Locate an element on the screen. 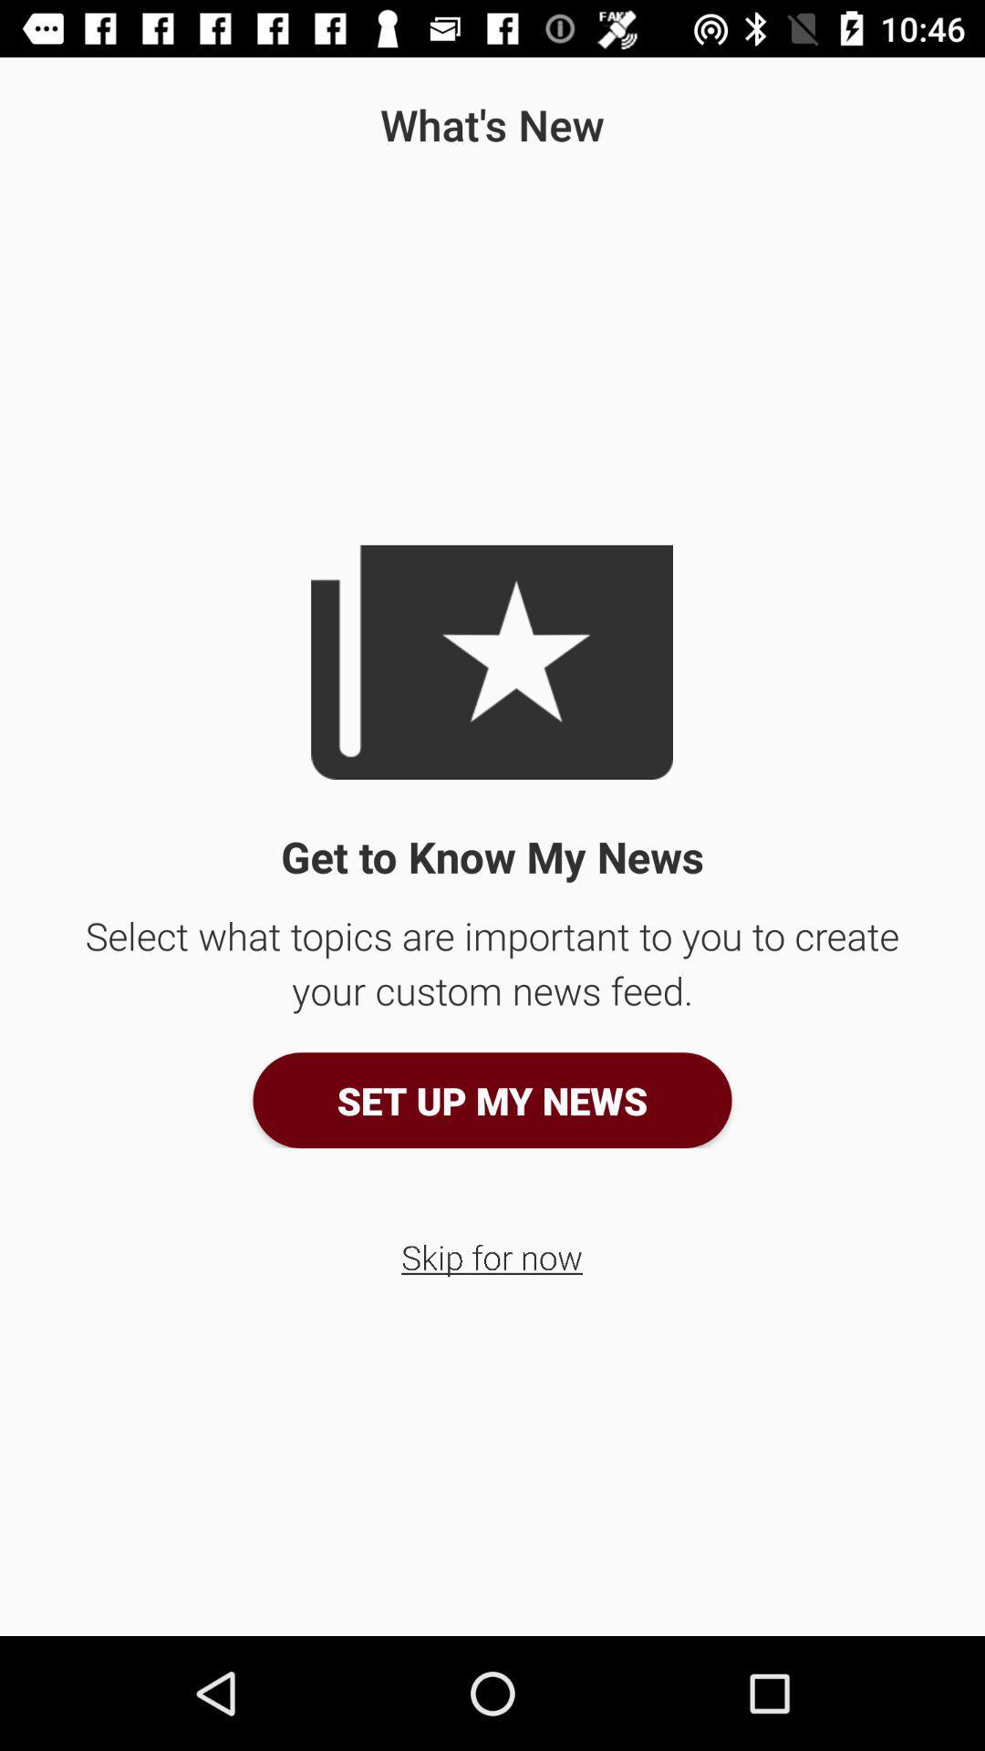  set up my is located at coordinates (493, 1099).